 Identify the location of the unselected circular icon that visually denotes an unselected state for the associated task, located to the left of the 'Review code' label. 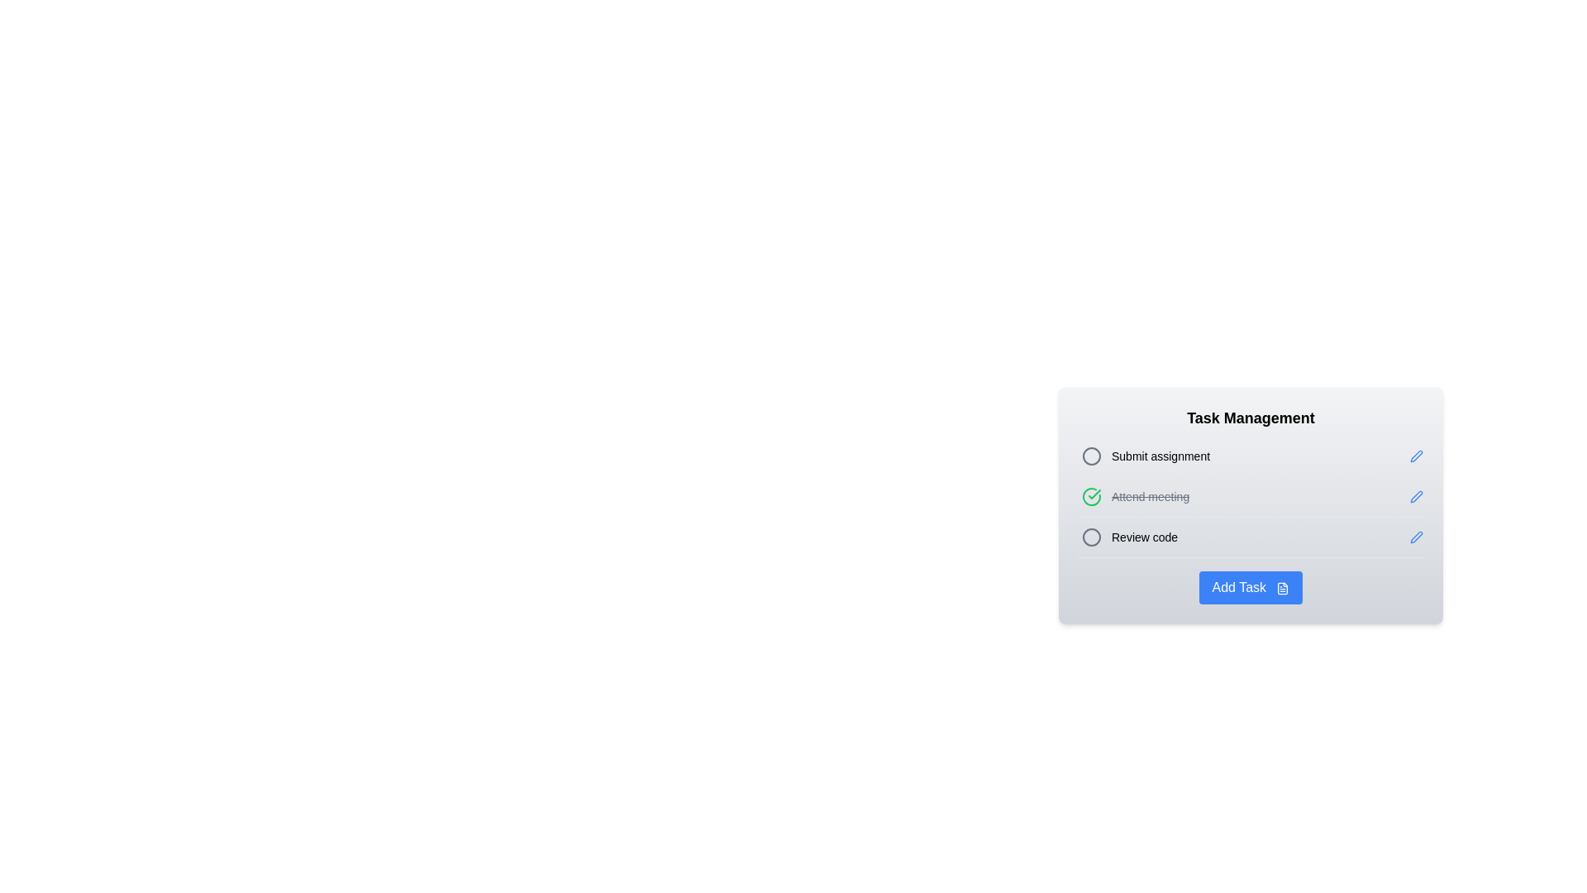
(1091, 537).